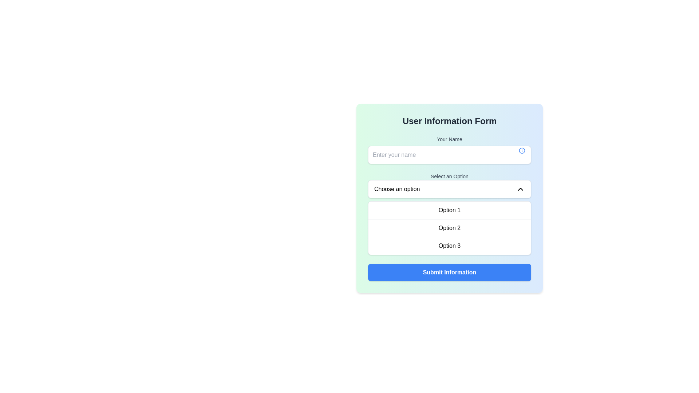  Describe the element at coordinates (449, 227) in the screenshot. I see `the second item in the dropdown list, which represents 'Option 2'` at that location.